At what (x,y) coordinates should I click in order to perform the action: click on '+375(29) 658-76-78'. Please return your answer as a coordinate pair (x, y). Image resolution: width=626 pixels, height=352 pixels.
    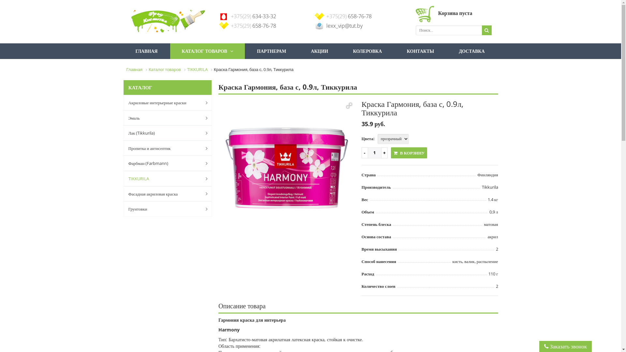
    Looking at the image, I should click on (253, 25).